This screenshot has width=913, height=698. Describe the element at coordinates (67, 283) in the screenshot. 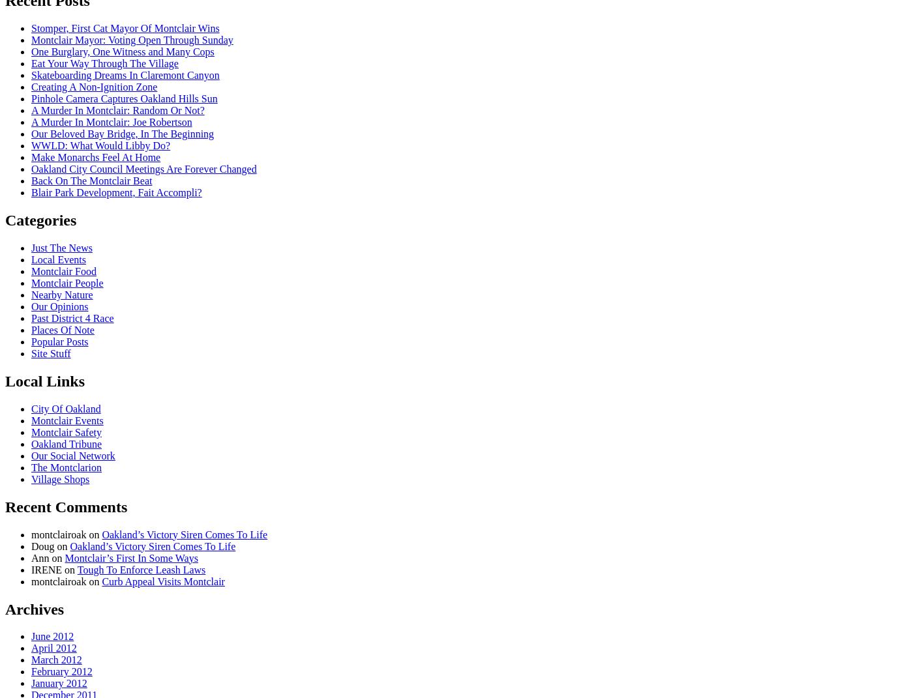

I see `'Montclair People'` at that location.